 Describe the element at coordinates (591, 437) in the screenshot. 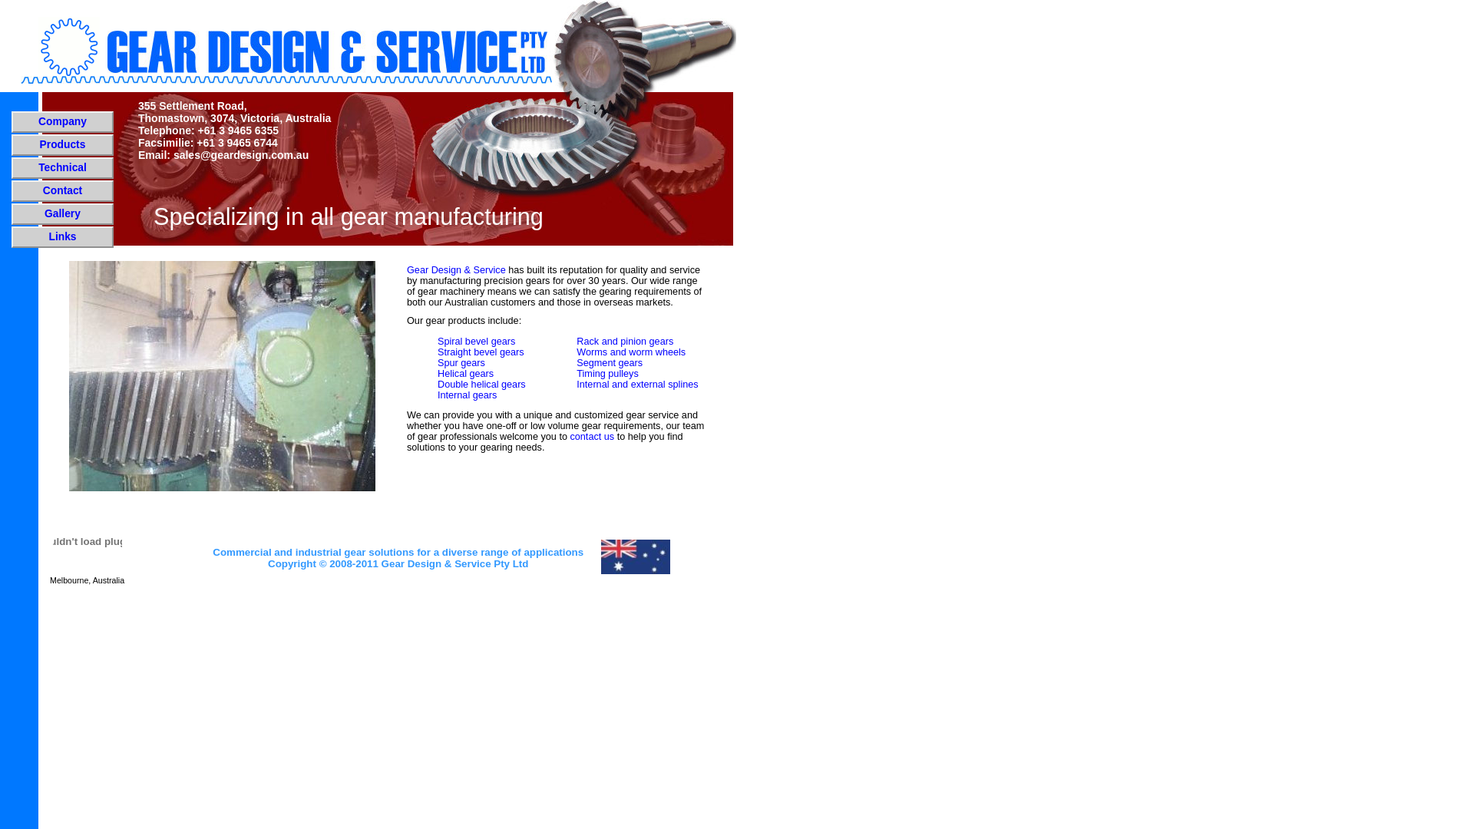

I see `'contact us'` at that location.